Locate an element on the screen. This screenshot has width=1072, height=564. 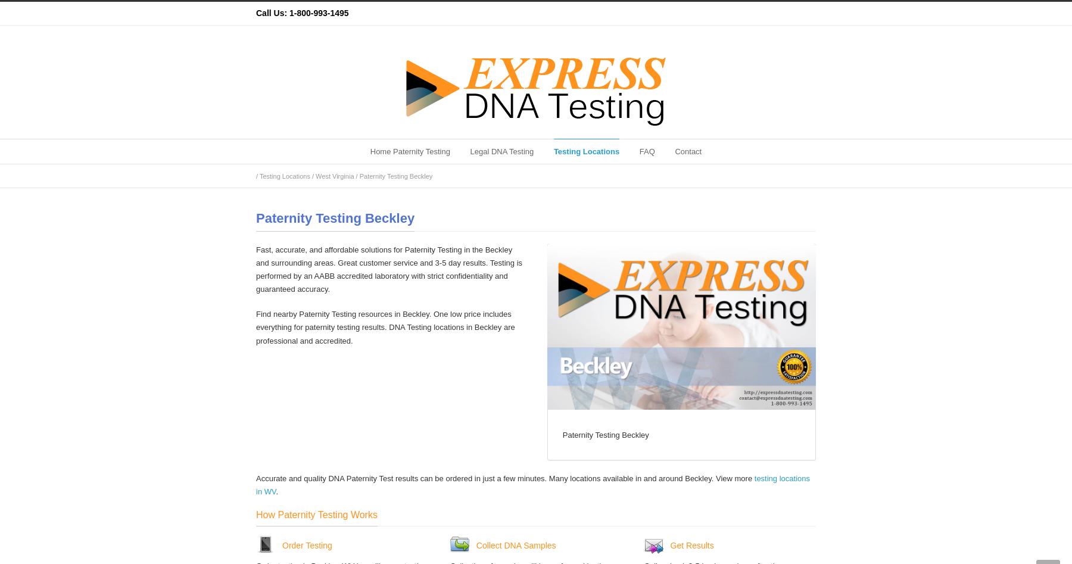
'testing locations in WV' is located at coordinates (256, 485).